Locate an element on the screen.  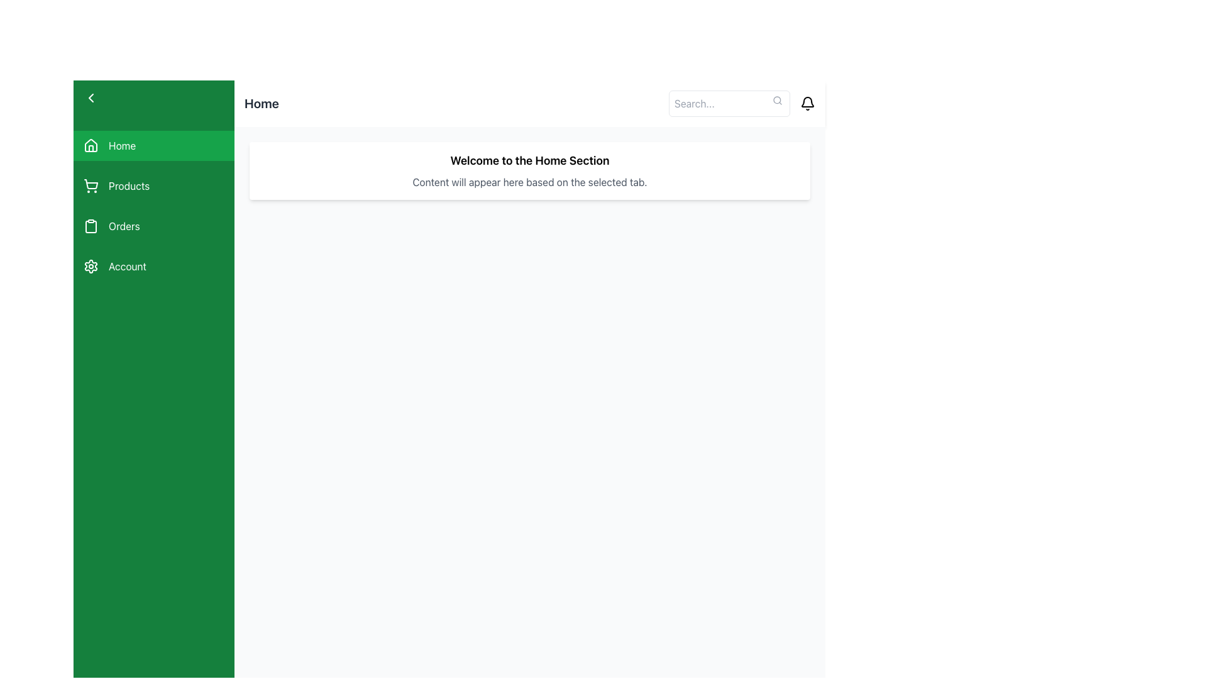
the magnifying glass SVG icon located at the top-right corner of the search input field, which symbolizes the search feature is located at coordinates (777, 99).